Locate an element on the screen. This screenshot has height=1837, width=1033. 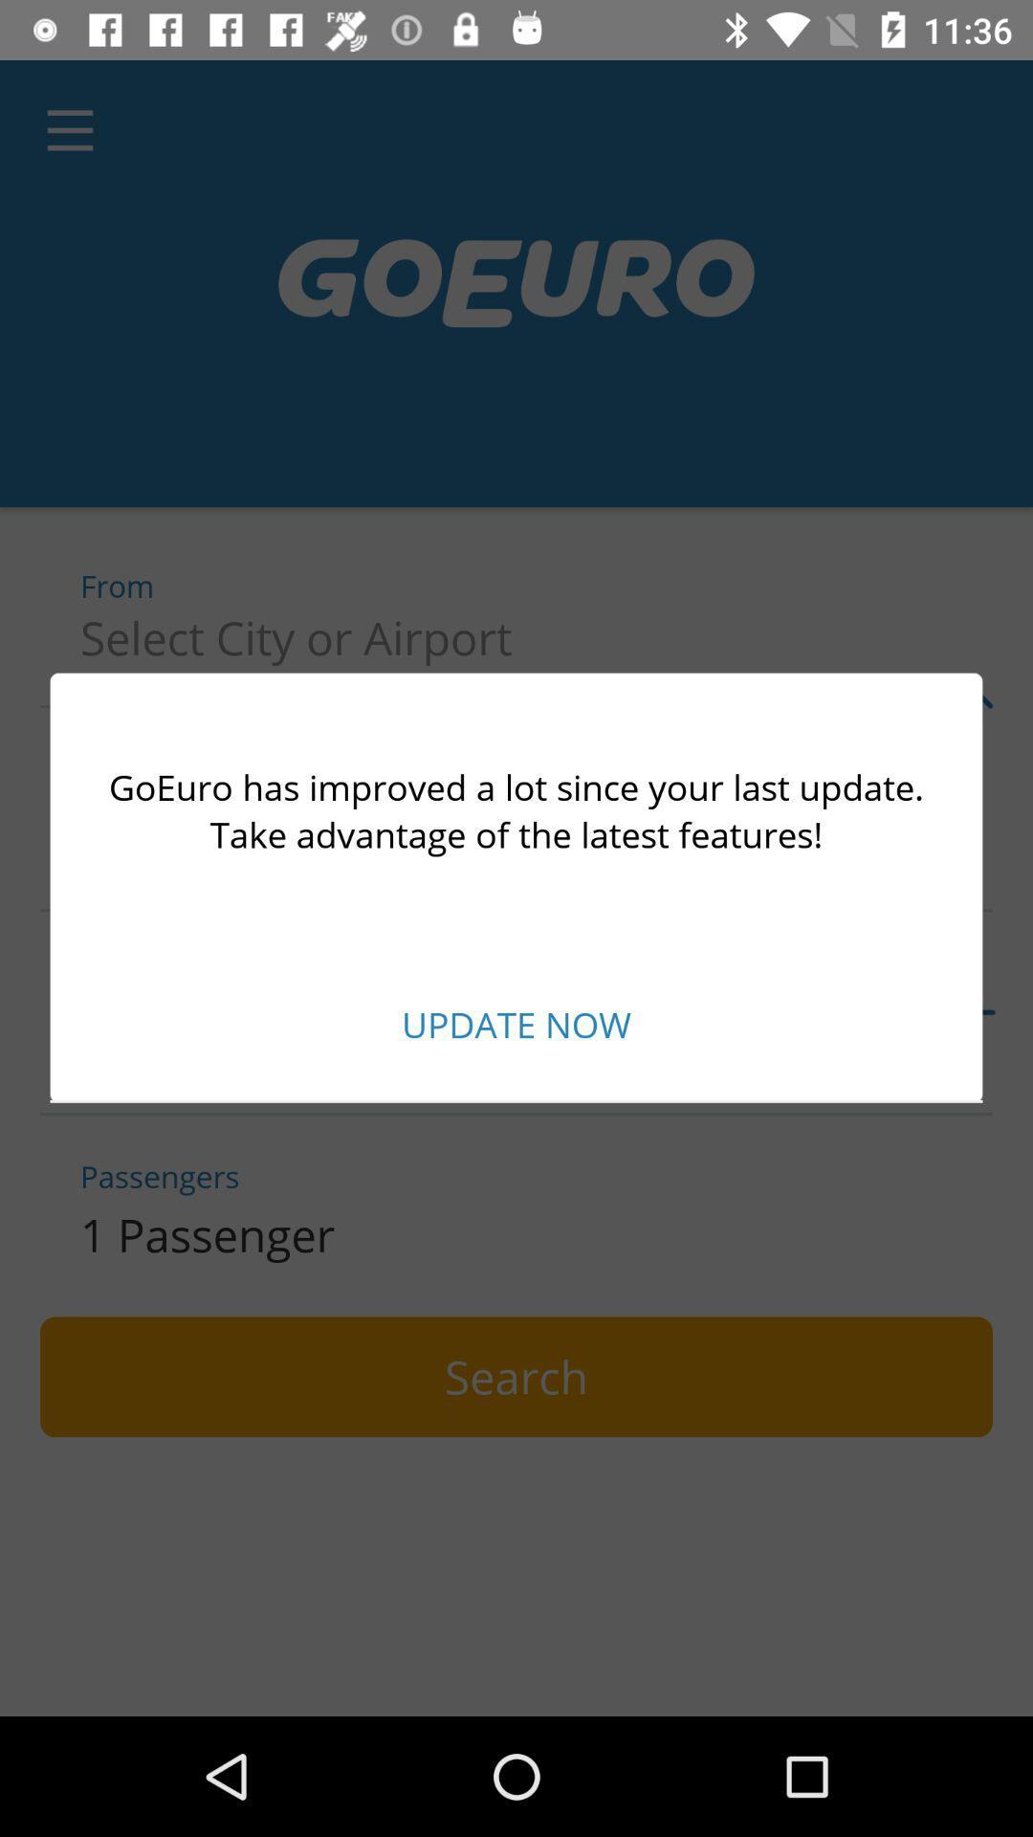
item below the goeuro has improved icon is located at coordinates (516, 1023).